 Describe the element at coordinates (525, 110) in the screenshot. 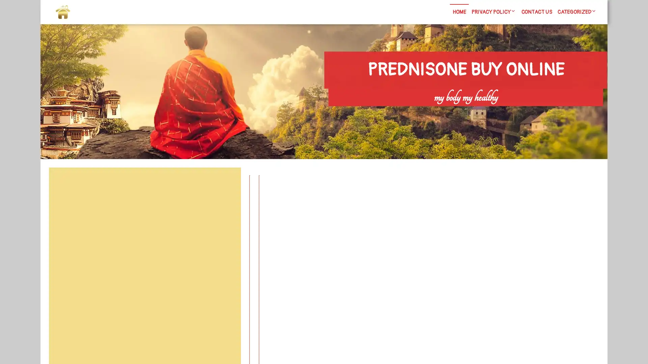

I see `Search` at that location.